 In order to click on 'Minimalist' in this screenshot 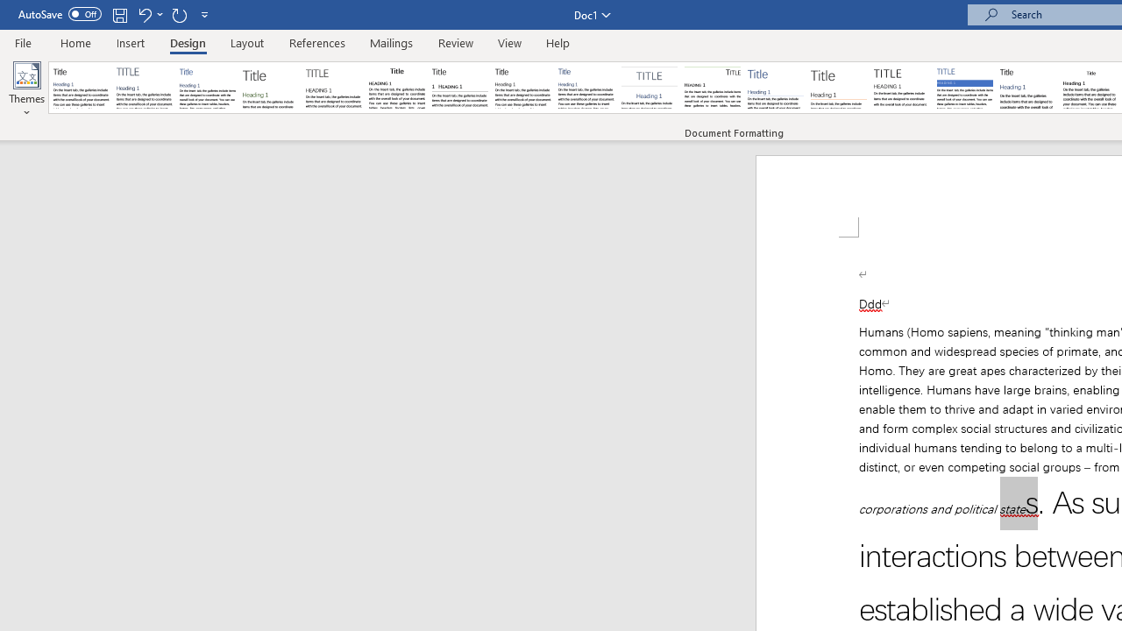, I will do `click(902, 88)`.